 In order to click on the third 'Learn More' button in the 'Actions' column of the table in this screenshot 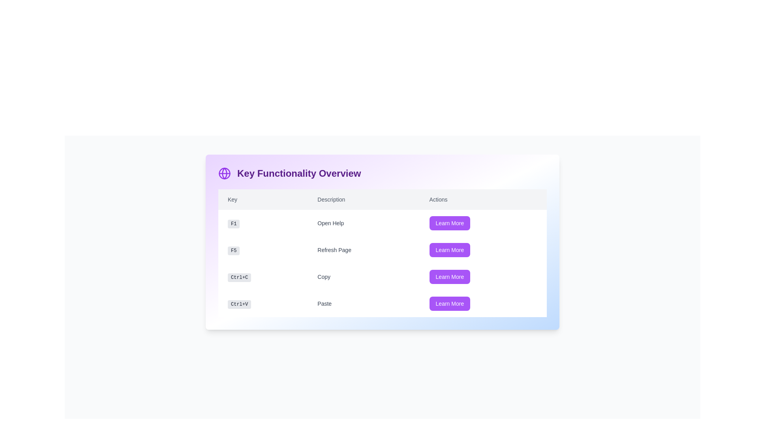, I will do `click(483, 277)`.